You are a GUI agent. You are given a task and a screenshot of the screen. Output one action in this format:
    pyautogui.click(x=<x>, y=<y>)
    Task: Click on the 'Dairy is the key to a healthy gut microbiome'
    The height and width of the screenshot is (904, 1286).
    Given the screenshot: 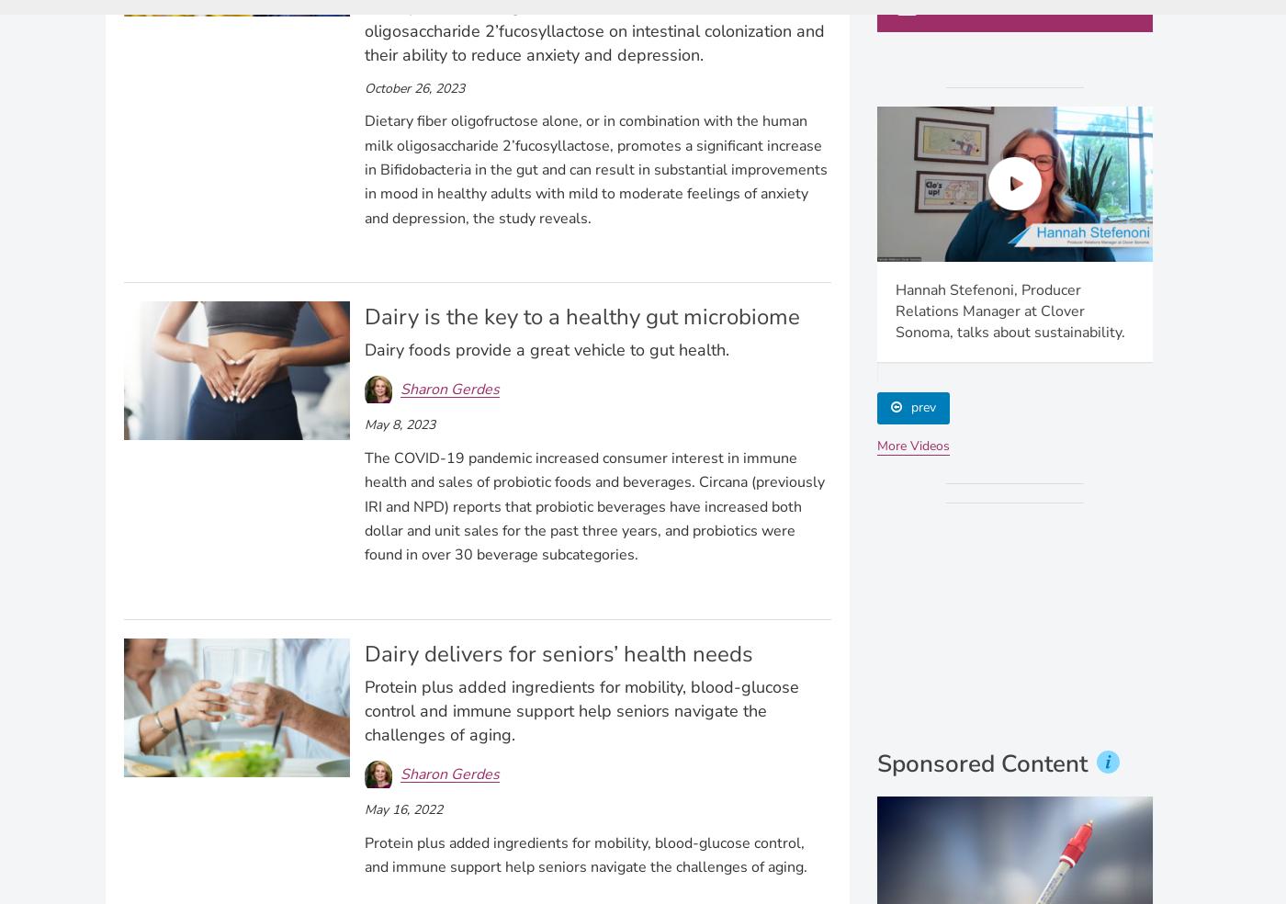 What is the action you would take?
    pyautogui.click(x=581, y=315)
    